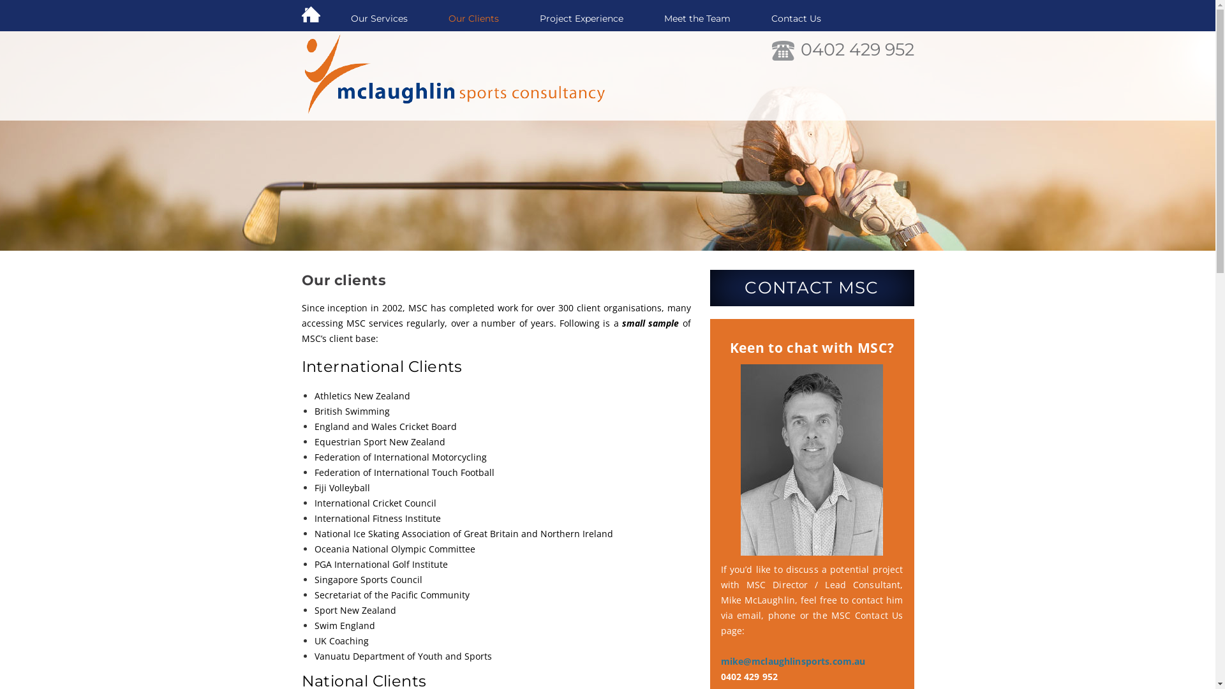 This screenshot has height=689, width=1225. I want to click on 'McLaughlin Sports Consultancy', so click(457, 76).